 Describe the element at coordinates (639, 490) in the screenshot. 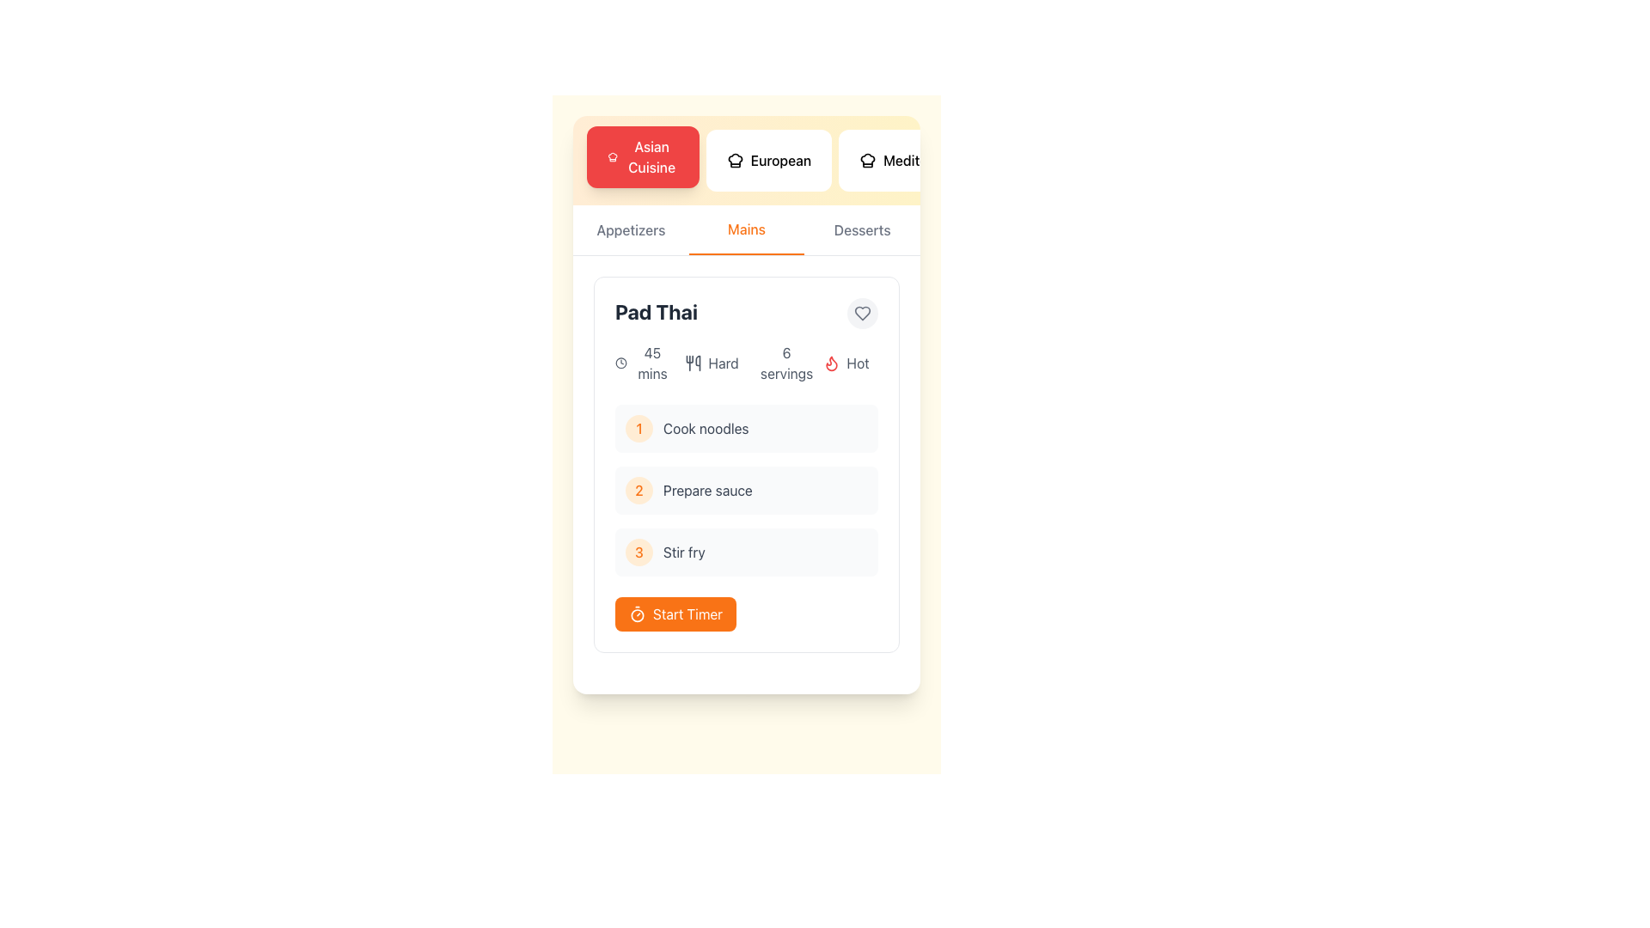

I see `the second step indicator for the 'Prepare sauce' task in the 'Pad Thai' card` at that location.